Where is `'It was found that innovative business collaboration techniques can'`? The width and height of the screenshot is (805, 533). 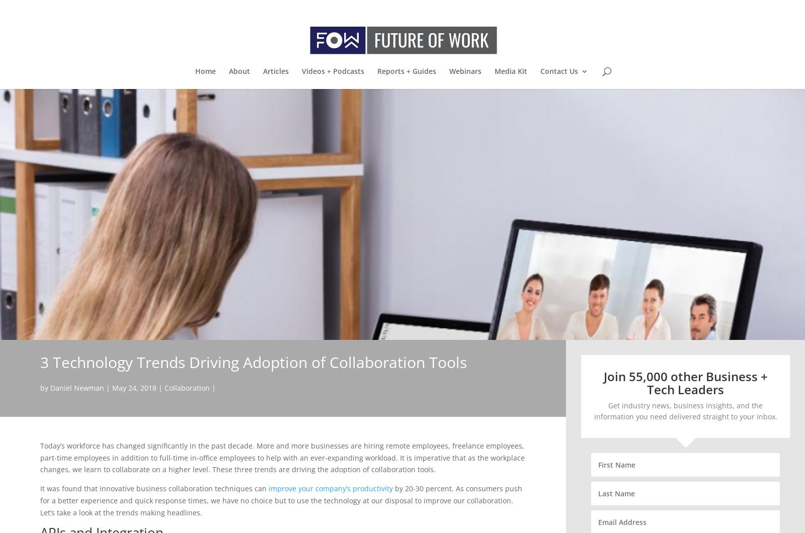 'It was found that innovative business collaboration techniques can' is located at coordinates (40, 488).